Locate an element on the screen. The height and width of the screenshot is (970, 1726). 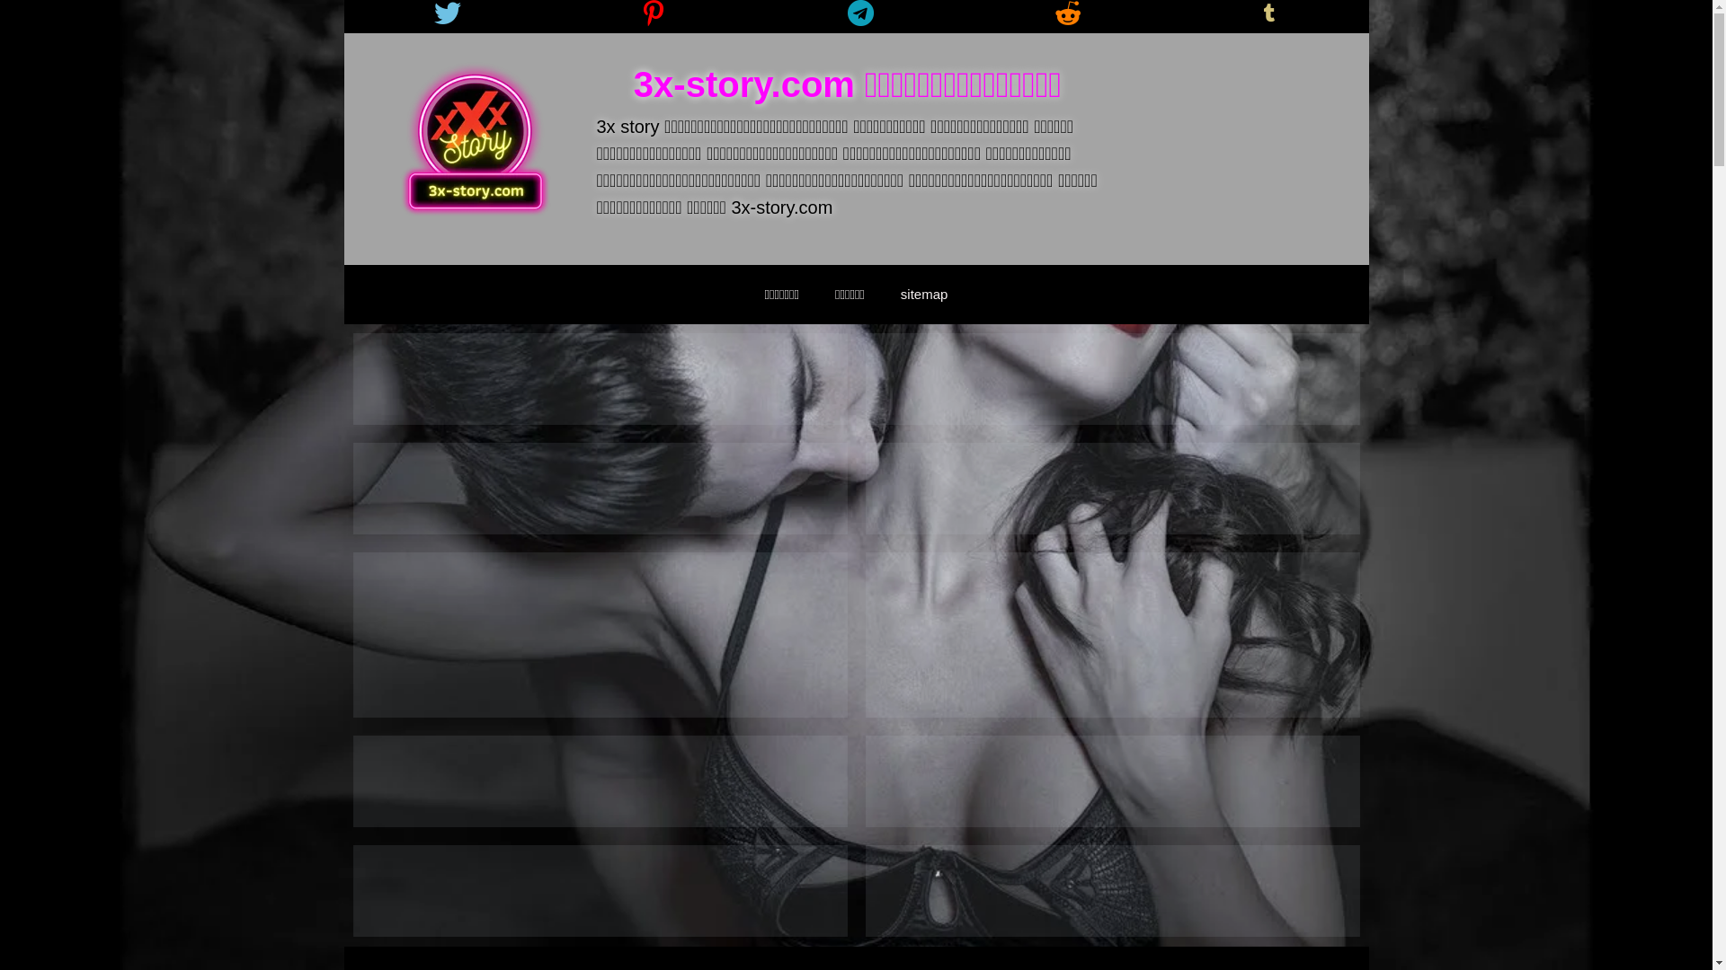
'sitemap' is located at coordinates (924, 293).